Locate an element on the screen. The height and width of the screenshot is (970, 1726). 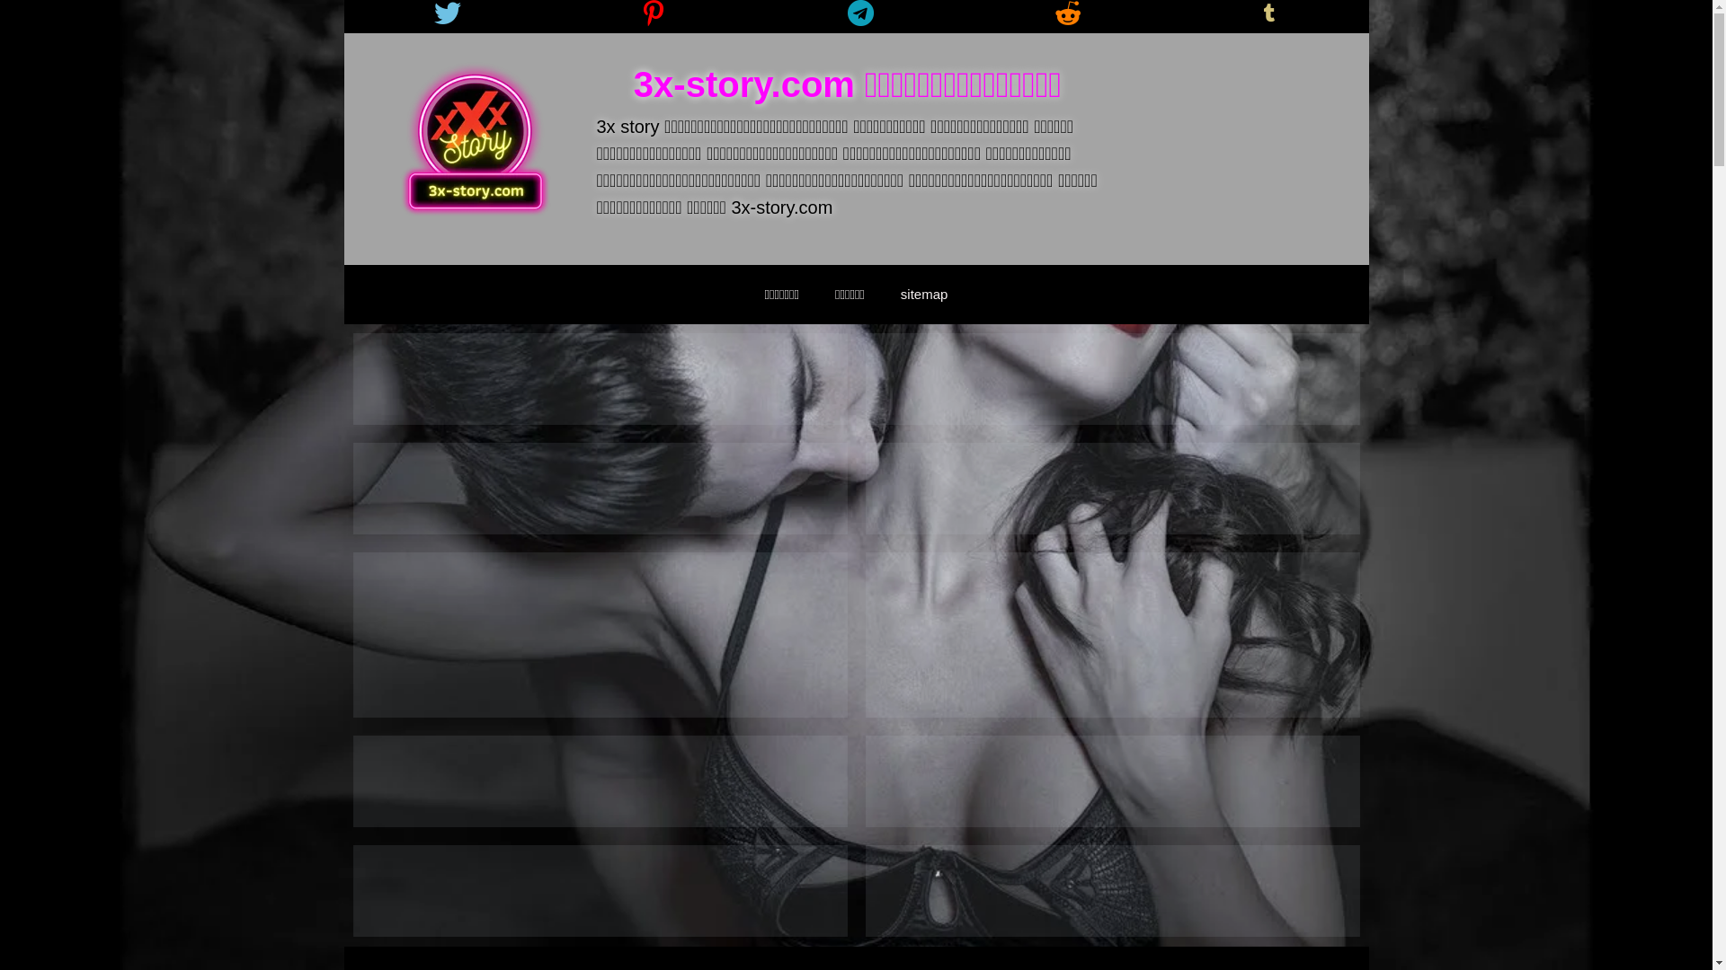
'sitemap' is located at coordinates (924, 293).